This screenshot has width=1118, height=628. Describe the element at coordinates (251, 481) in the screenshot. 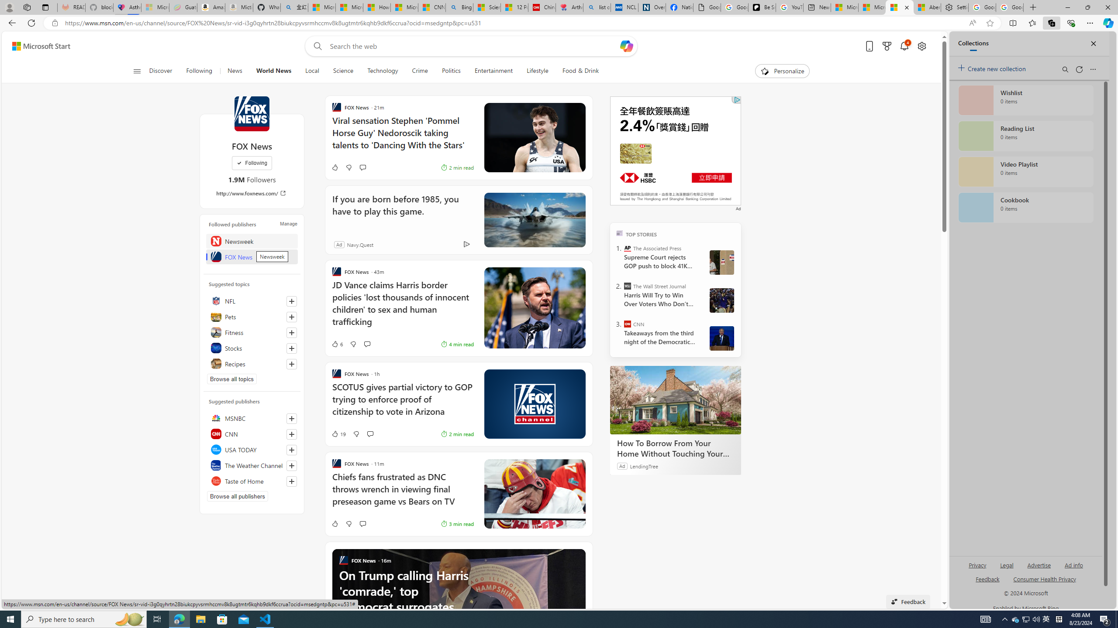

I see `'Taste of Home'` at that location.